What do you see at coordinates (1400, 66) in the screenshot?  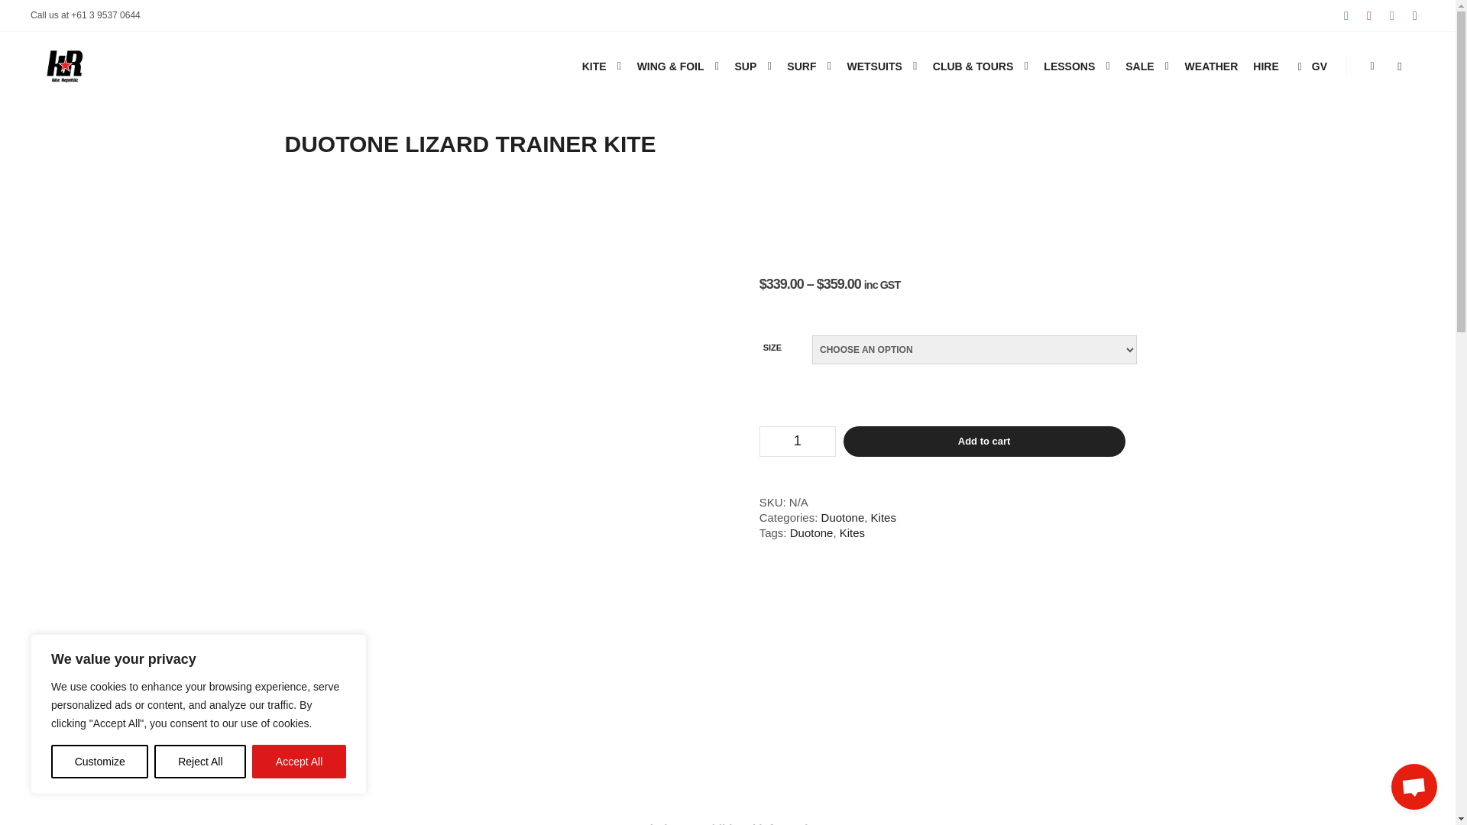 I see `'Search'` at bounding box center [1400, 66].